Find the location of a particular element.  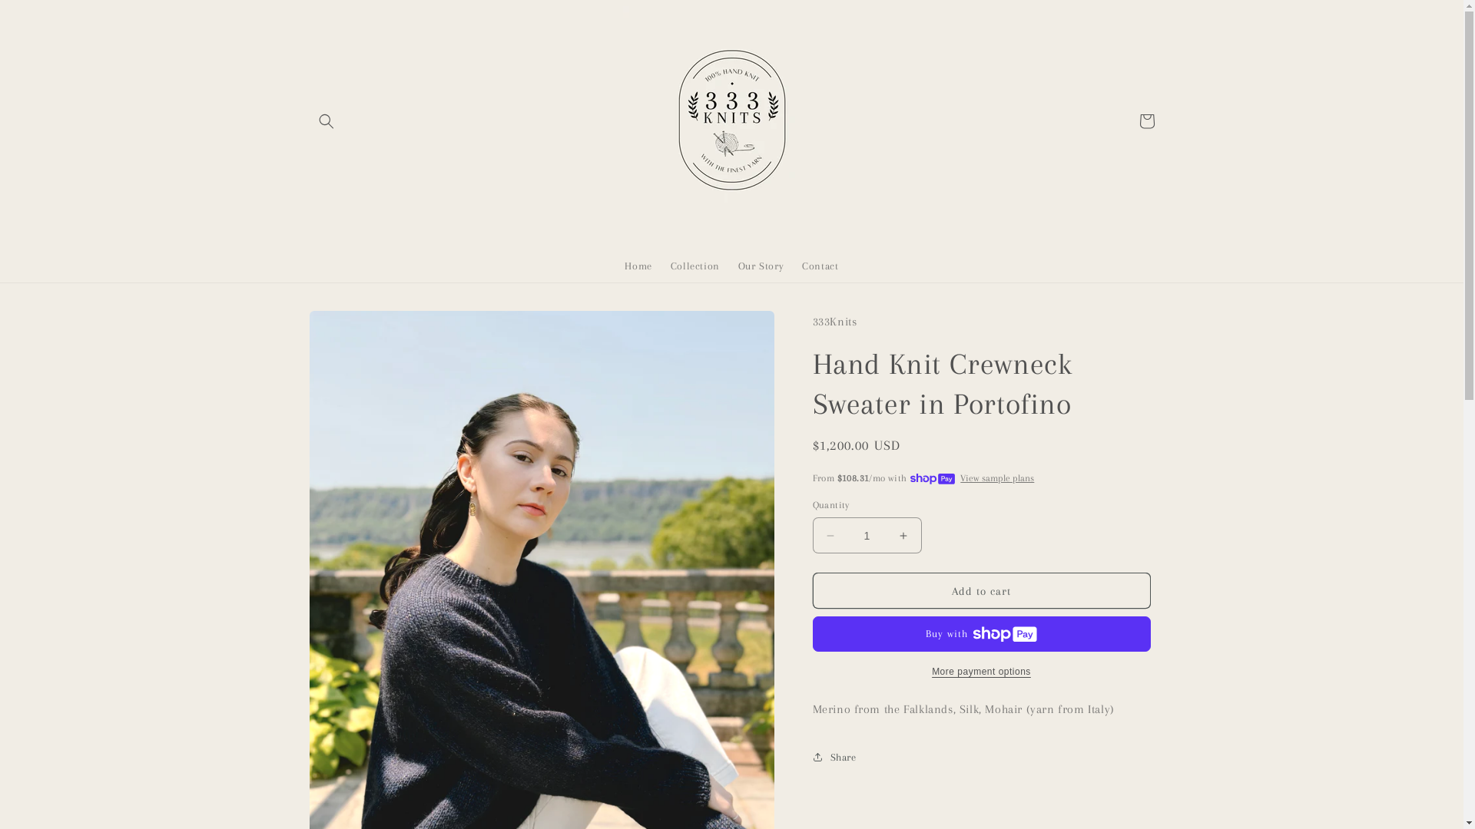

'Our Story' is located at coordinates (761, 266).